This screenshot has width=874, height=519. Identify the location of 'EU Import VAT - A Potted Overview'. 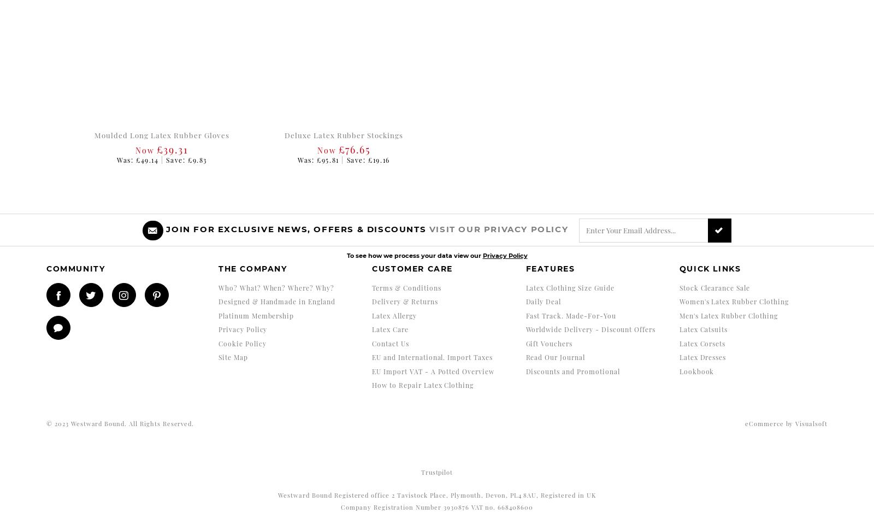
(433, 370).